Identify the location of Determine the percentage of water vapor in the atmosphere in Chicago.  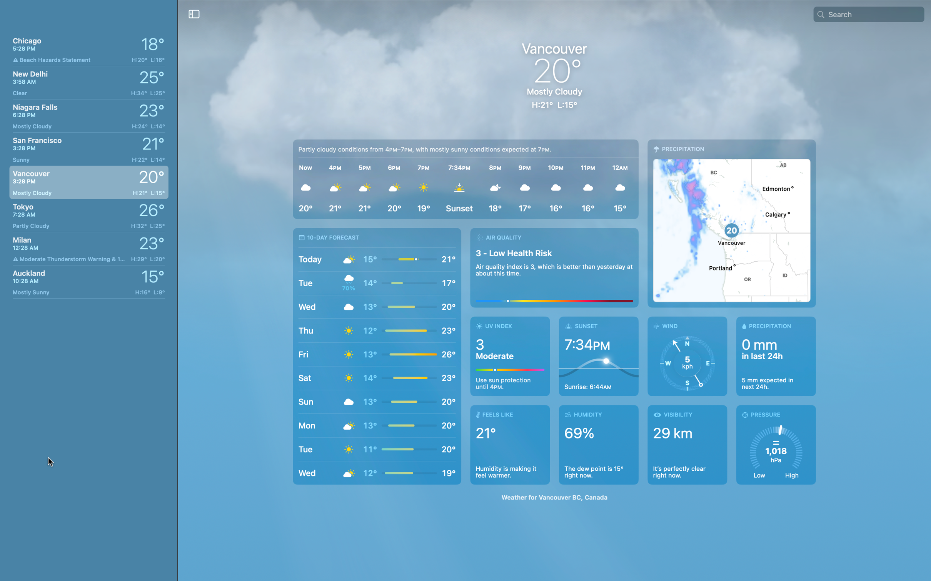
(600, 445).